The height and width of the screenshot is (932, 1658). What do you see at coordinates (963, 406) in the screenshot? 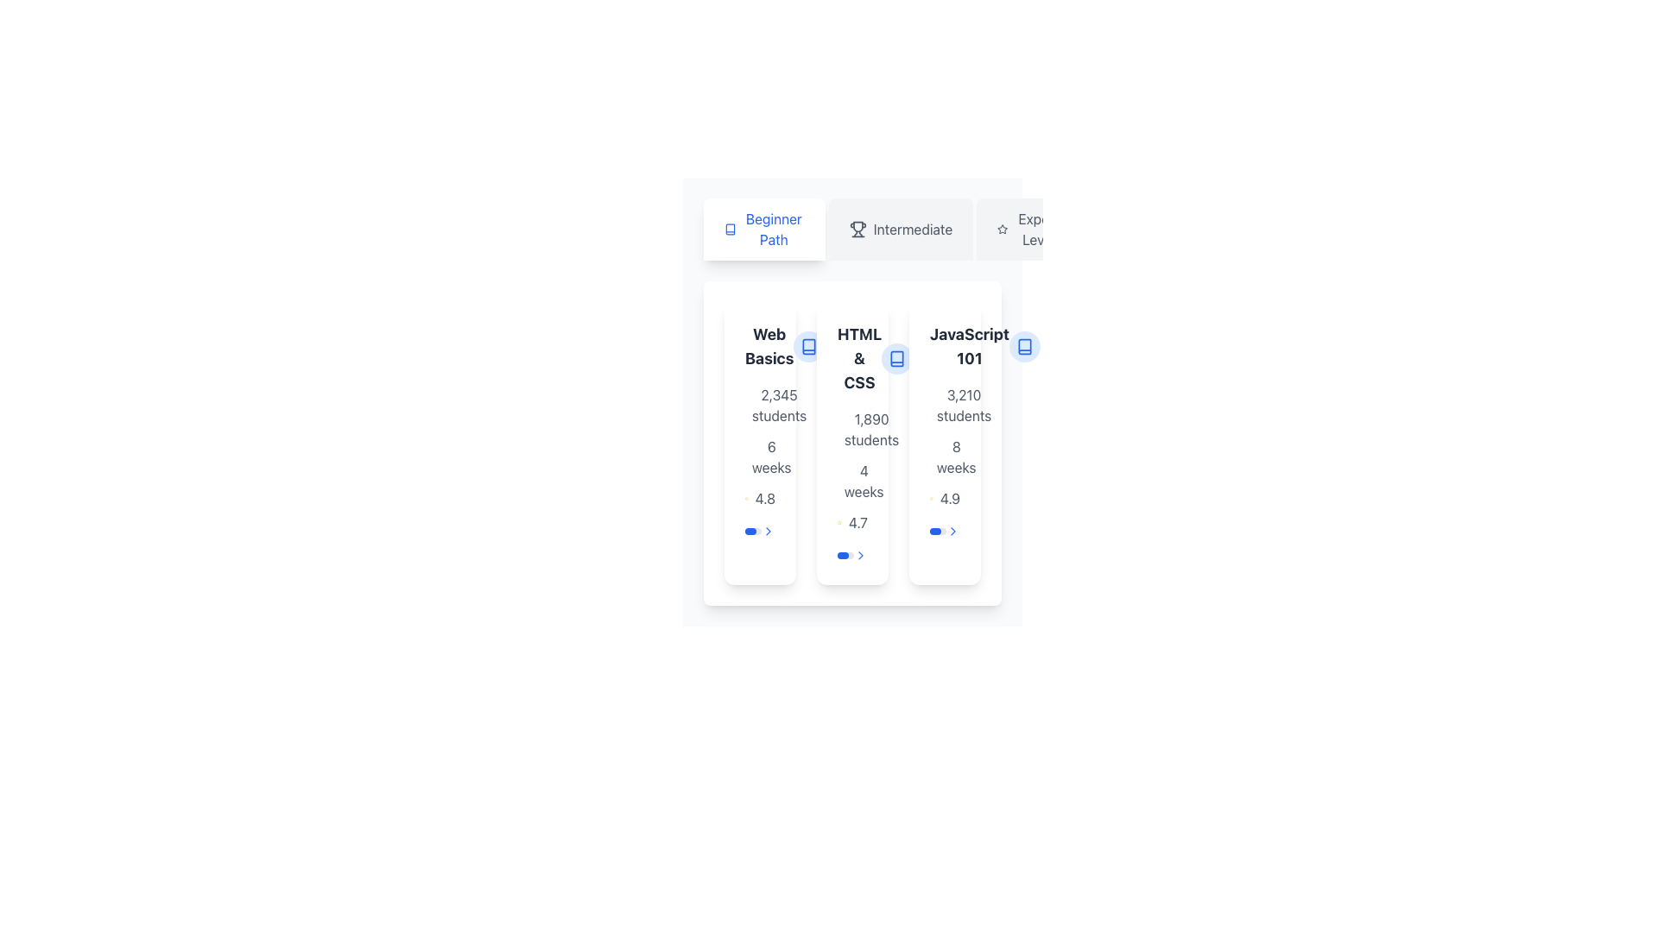
I see `the static text display UI element that shows the number of students enrolled in the 'JavaScript 101' course, located in the third column beneath the course title` at bounding box center [963, 406].